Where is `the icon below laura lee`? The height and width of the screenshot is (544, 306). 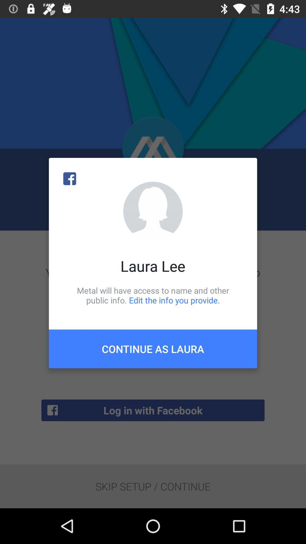 the icon below laura lee is located at coordinates (153, 295).